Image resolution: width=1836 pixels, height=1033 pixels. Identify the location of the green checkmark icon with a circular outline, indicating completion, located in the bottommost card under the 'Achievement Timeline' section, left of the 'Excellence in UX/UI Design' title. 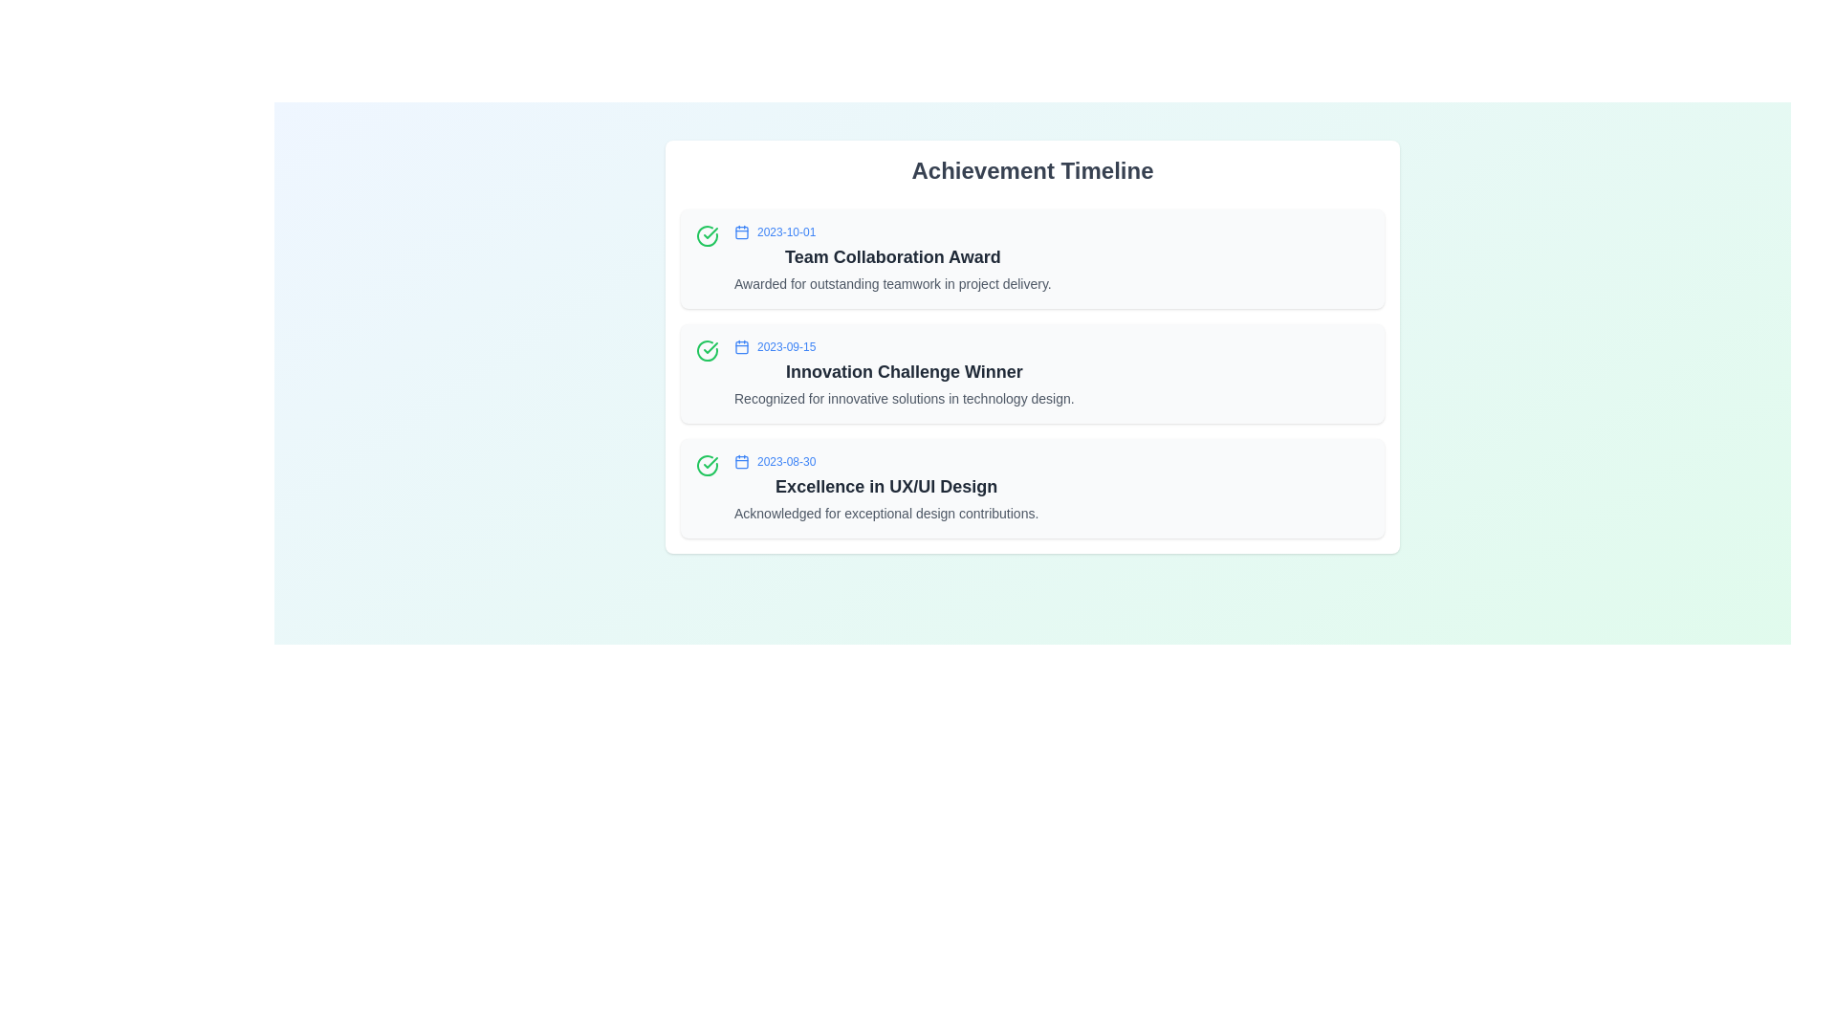
(706, 465).